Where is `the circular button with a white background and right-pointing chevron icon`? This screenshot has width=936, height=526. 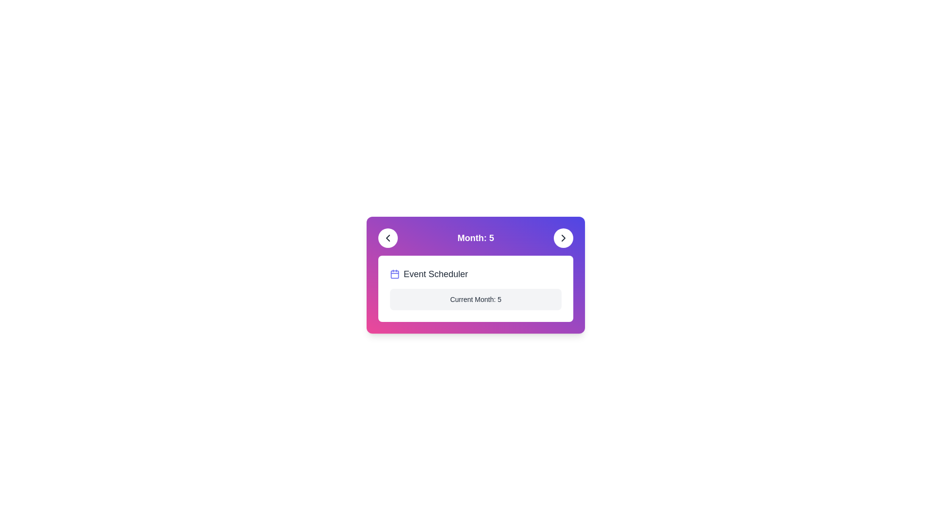 the circular button with a white background and right-pointing chevron icon is located at coordinates (564, 238).